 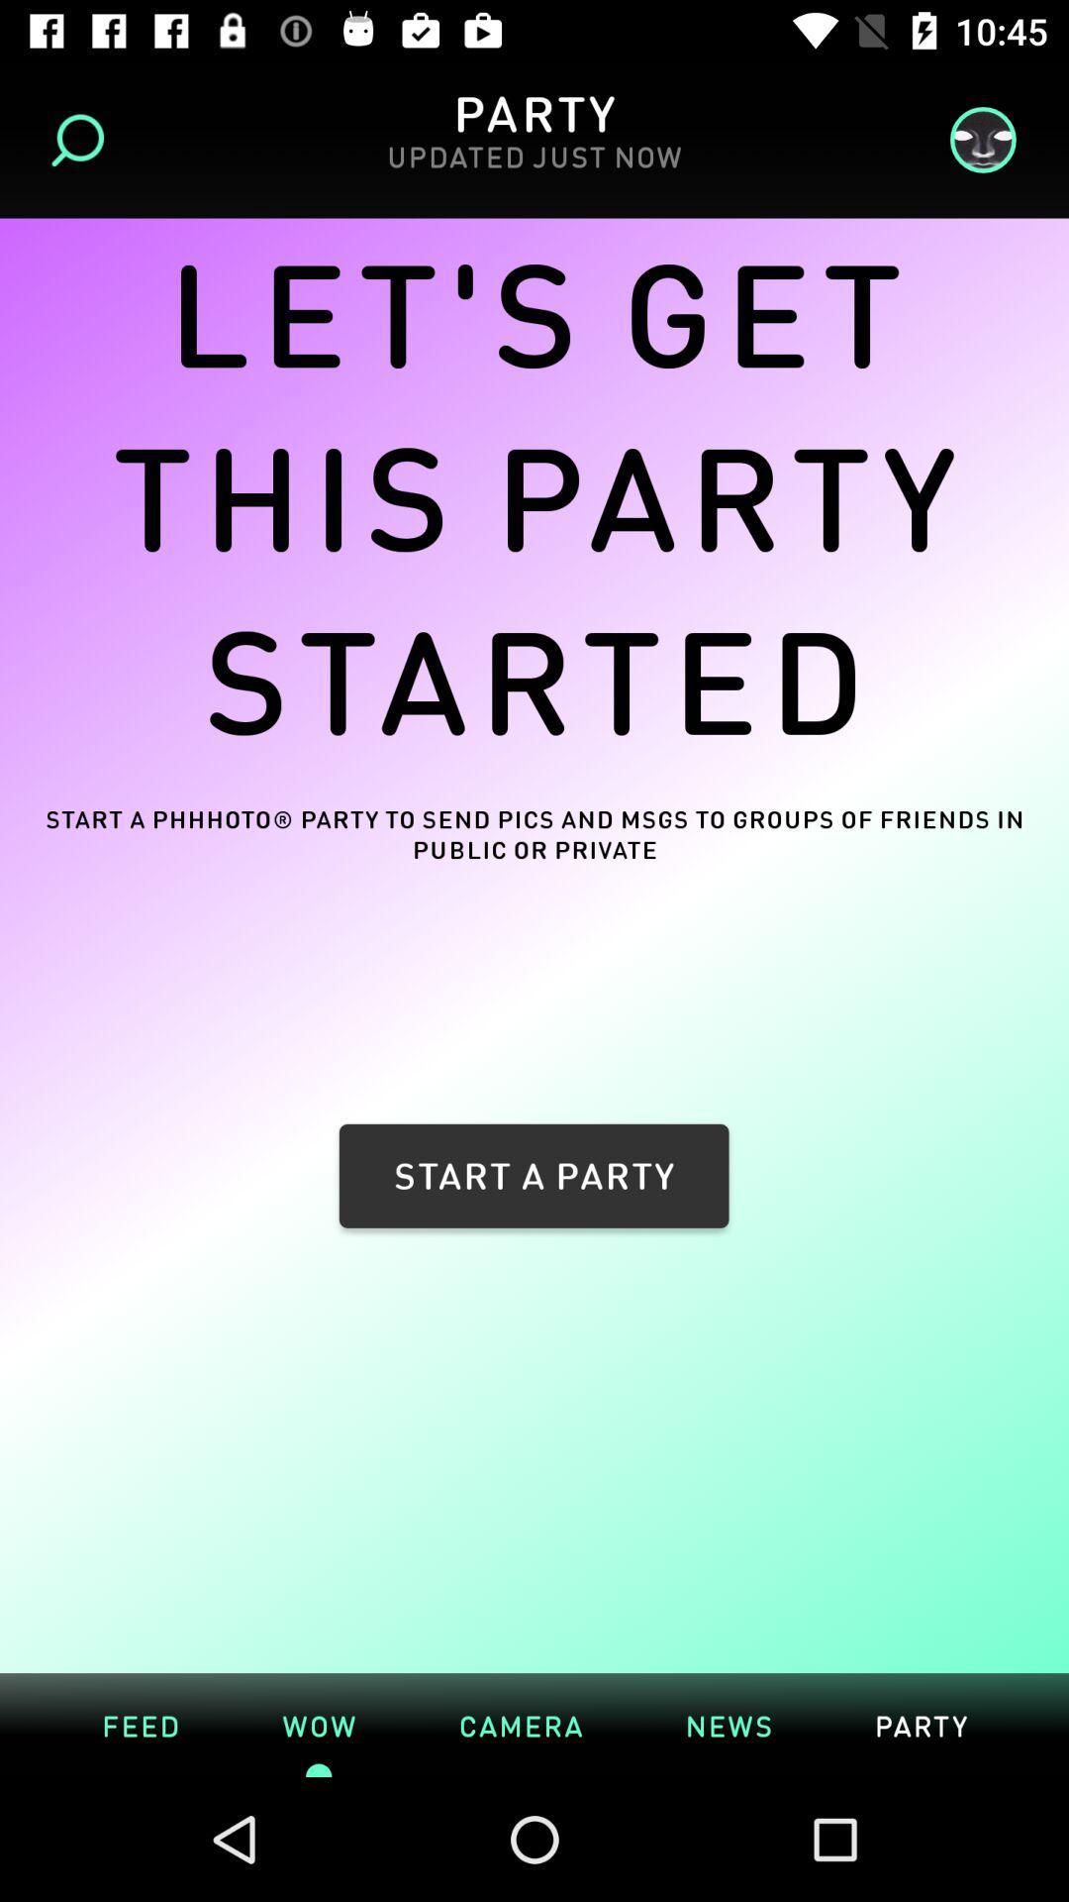 I want to click on item above let s get item, so click(x=83, y=139).